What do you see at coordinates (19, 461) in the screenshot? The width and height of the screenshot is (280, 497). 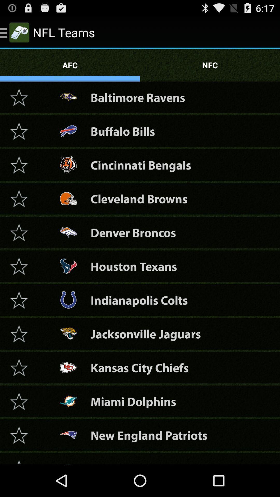 I see `team` at bounding box center [19, 461].